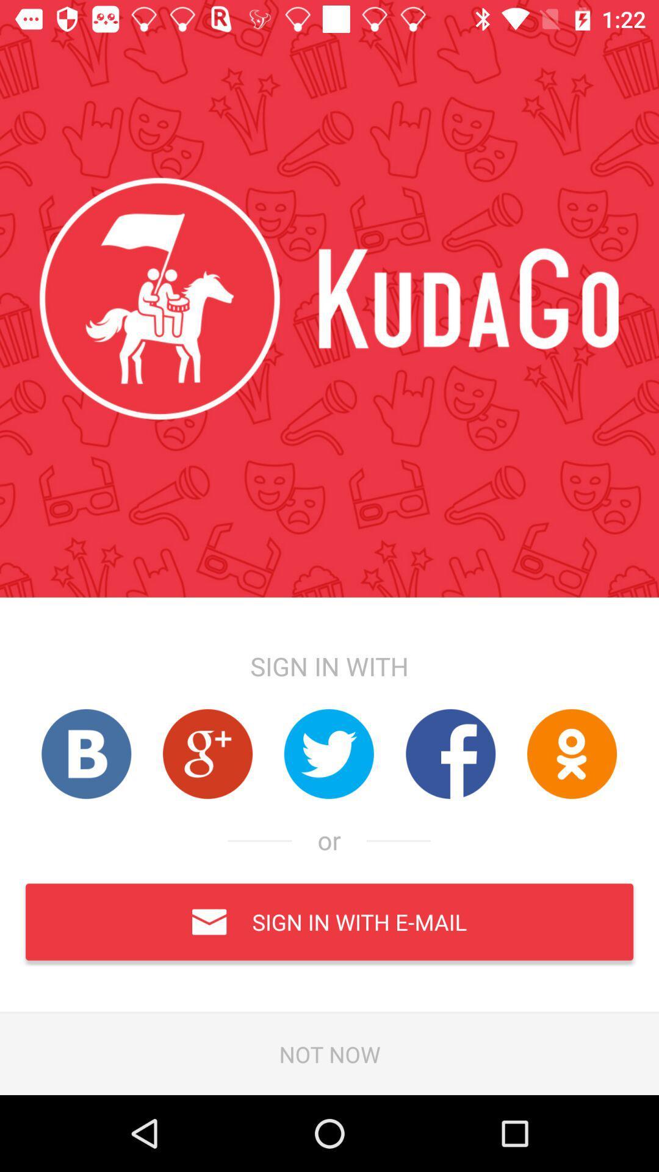  Describe the element at coordinates (328, 753) in the screenshot. I see `twitter link` at that location.